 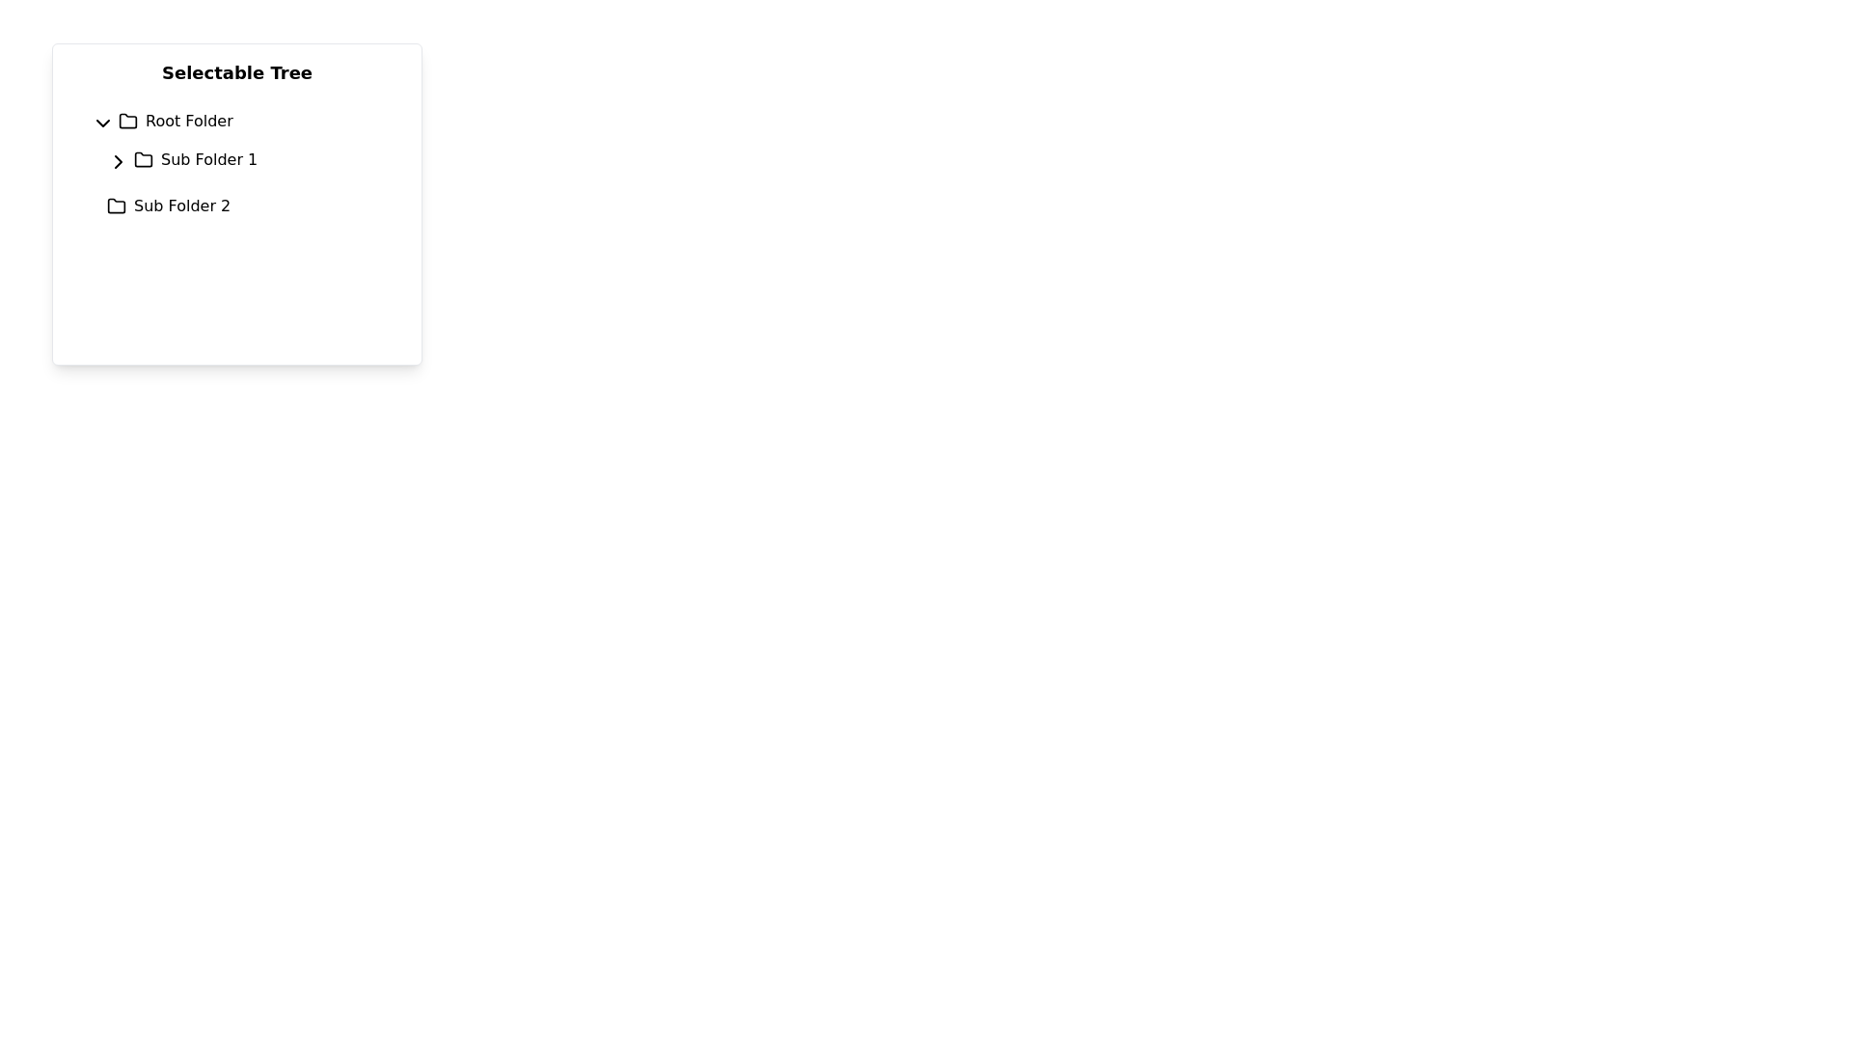 I want to click on the Tree View element located centrally within the 'Selectable Tree' card, so click(x=235, y=162).